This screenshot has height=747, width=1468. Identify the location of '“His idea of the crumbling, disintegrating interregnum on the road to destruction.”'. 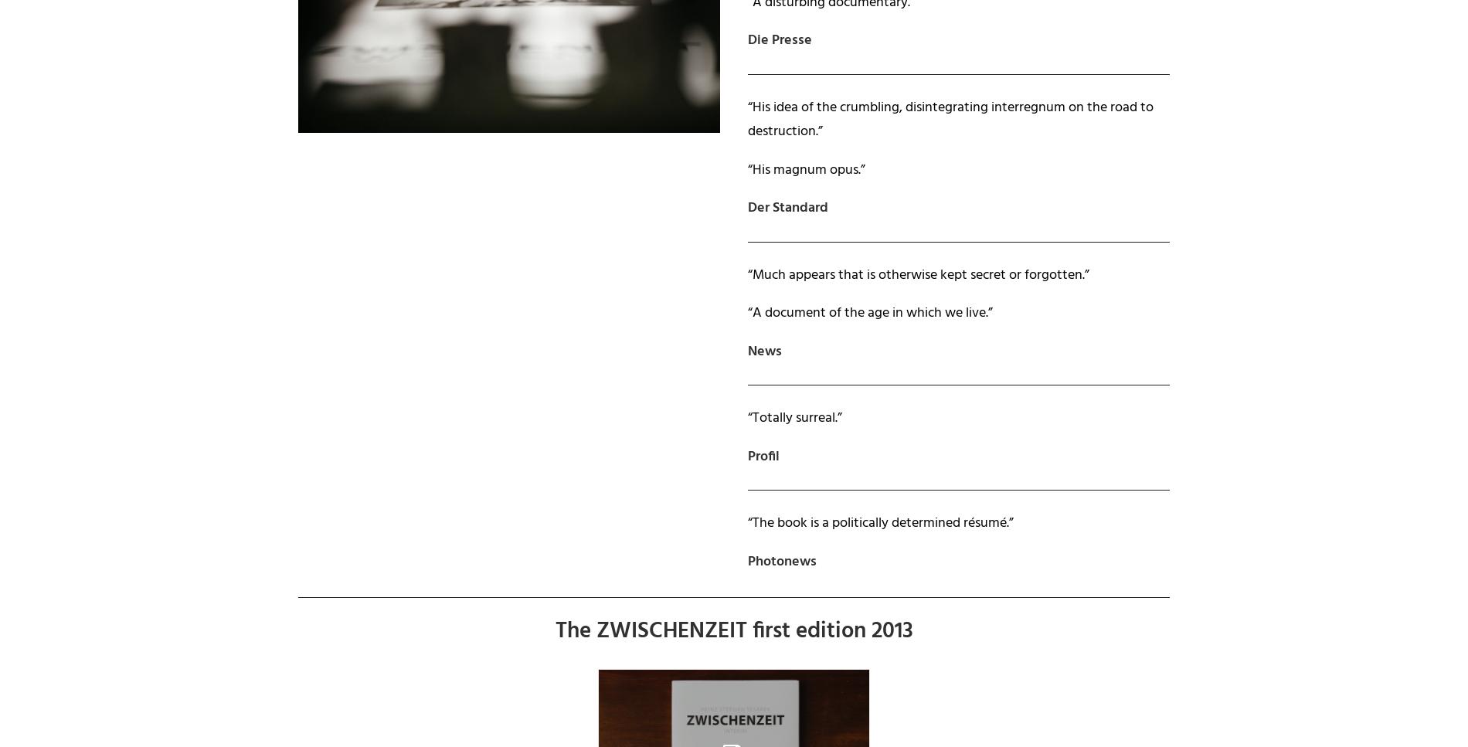
(950, 119).